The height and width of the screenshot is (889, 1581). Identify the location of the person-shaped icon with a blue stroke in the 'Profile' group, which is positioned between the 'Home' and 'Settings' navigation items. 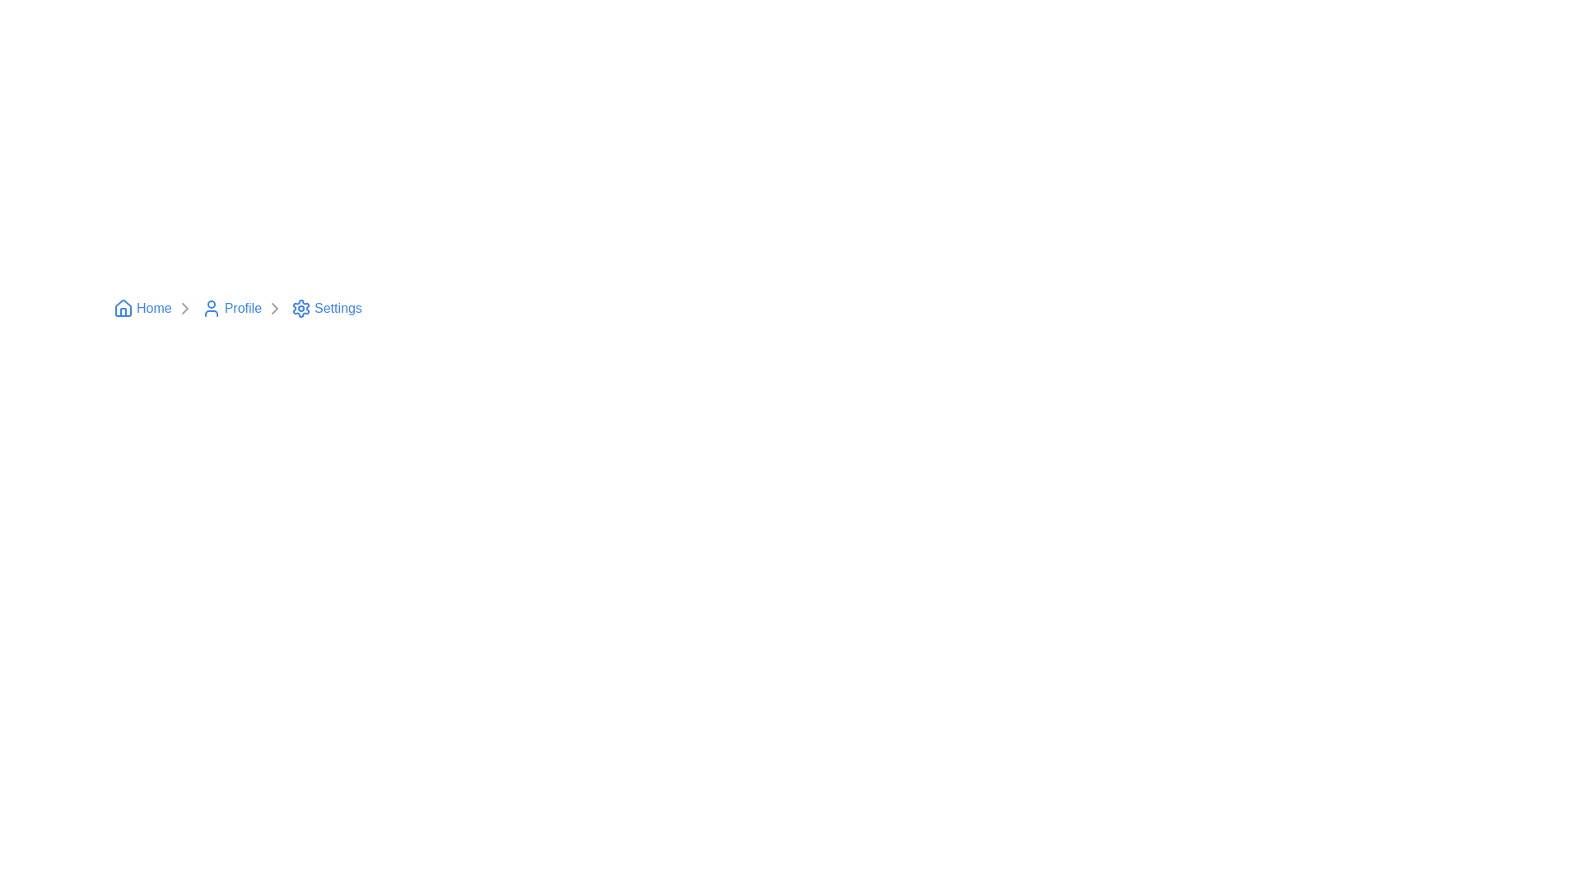
(210, 308).